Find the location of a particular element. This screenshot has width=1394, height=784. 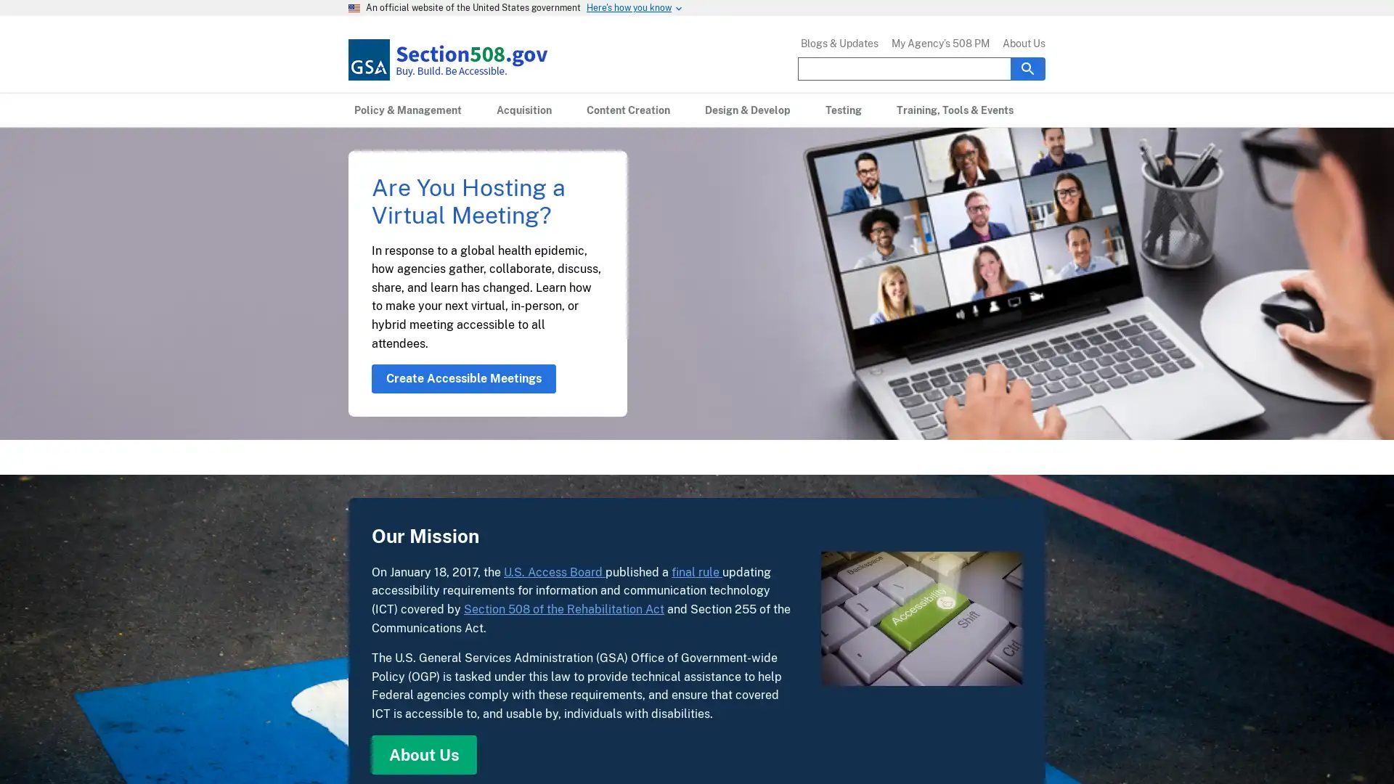

Here's how you know is located at coordinates (629, 8).